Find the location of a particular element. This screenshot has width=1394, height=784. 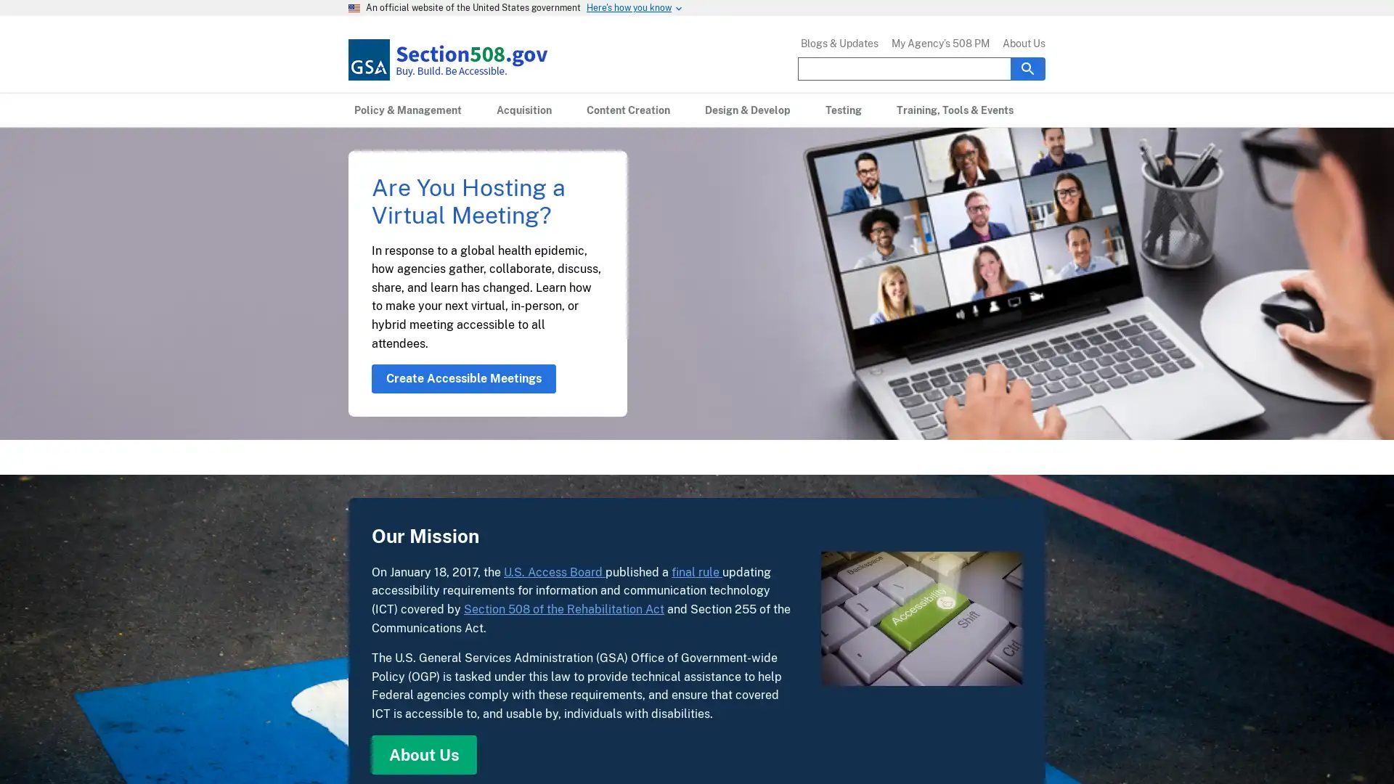

Here's how you know is located at coordinates (629, 8).